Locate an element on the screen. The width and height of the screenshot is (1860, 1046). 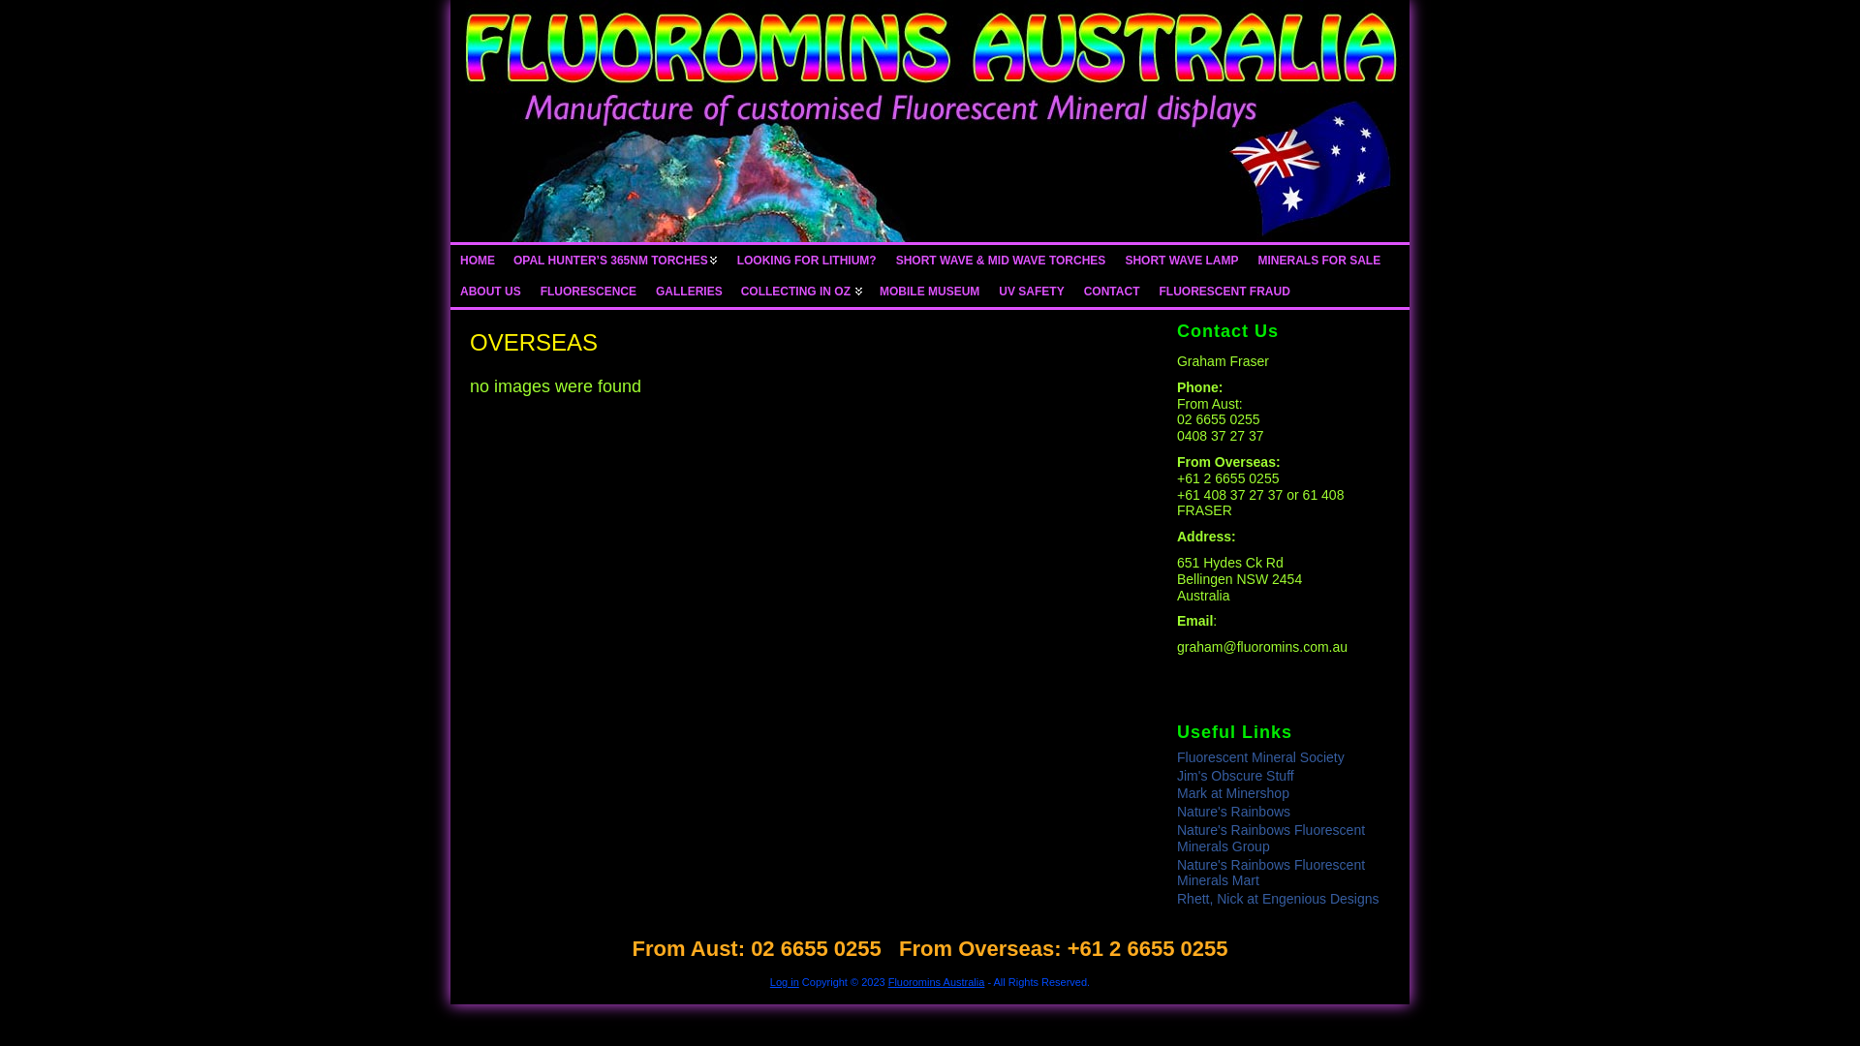
'LOOKING FOR LITHIUM?' is located at coordinates (807, 260).